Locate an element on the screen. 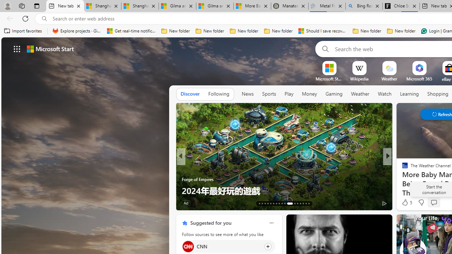  '16 Like' is located at coordinates (406, 203).